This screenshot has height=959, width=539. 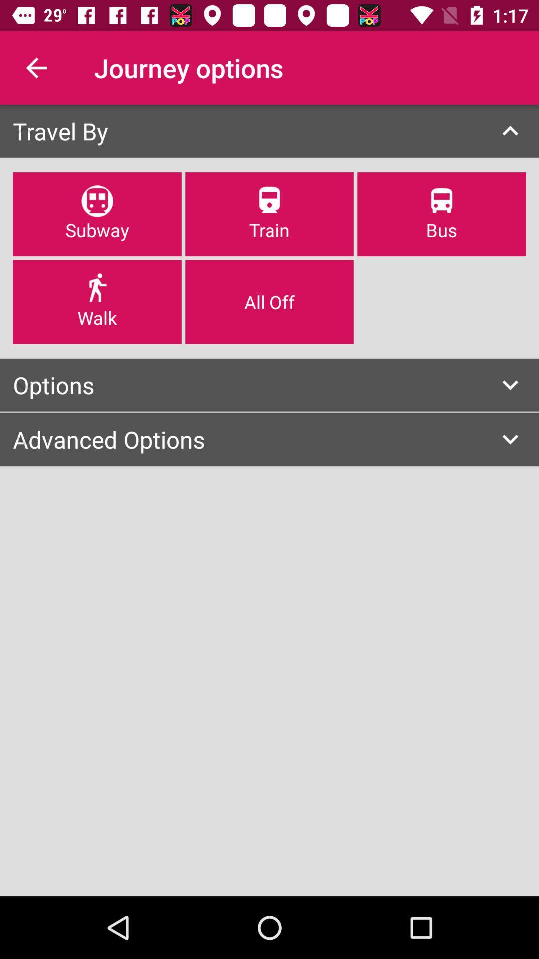 I want to click on item to the left of journey options, so click(x=36, y=67).